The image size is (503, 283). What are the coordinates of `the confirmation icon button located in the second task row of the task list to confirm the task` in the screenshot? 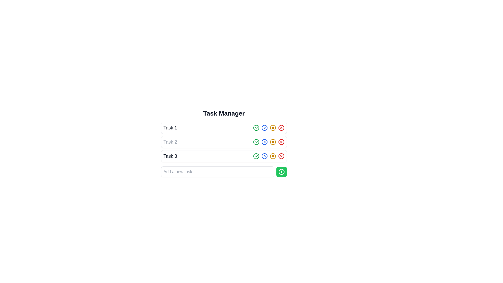 It's located at (257, 127).